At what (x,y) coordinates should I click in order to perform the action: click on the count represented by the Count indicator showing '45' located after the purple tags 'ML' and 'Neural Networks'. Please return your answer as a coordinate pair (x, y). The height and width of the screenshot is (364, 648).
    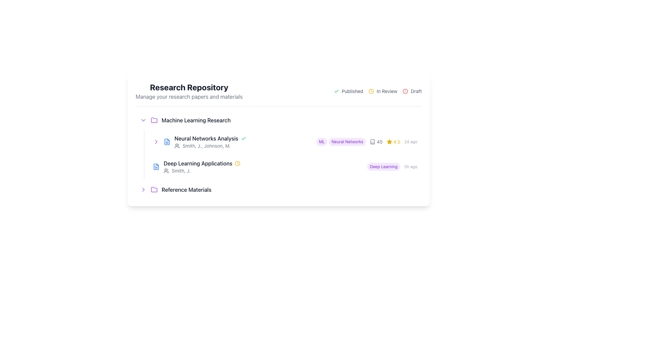
    Looking at the image, I should click on (376, 141).